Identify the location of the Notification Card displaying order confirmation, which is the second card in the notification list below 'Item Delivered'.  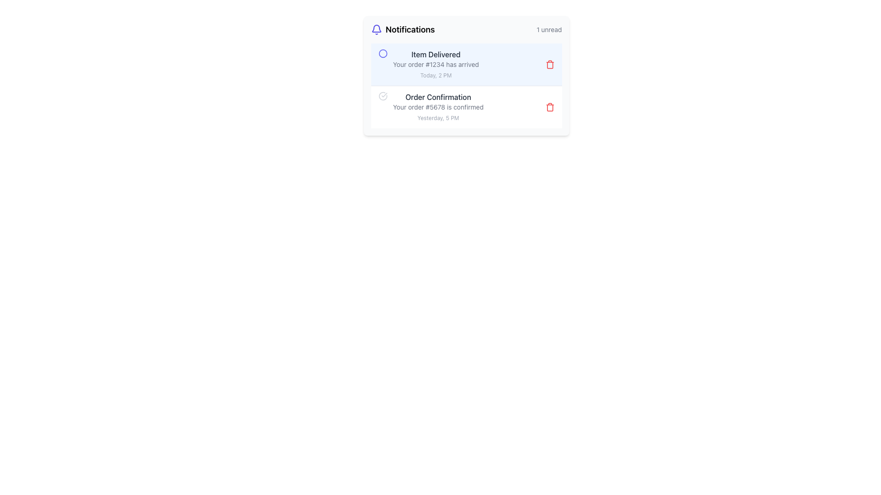
(466, 106).